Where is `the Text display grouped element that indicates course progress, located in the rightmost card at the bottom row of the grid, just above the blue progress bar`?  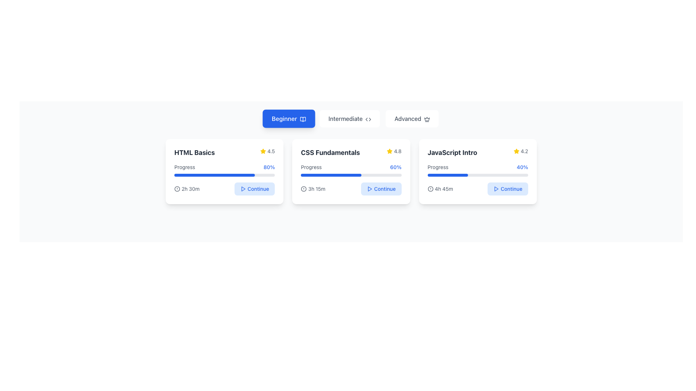
the Text display grouped element that indicates course progress, located in the rightmost card at the bottom row of the grid, just above the blue progress bar is located at coordinates (478, 167).